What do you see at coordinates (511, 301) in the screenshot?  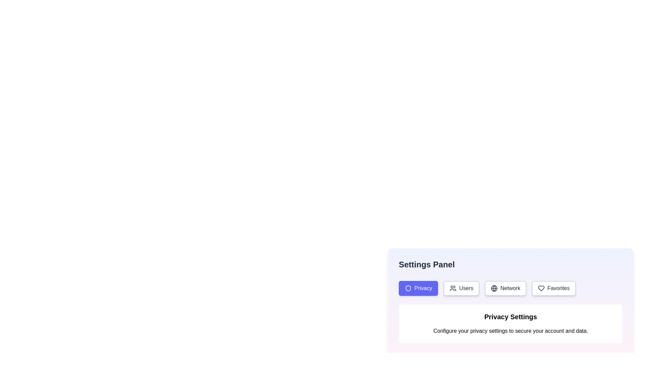 I see `the informational panel located below the tab buttons labeled 'Privacy', 'Users', 'Network', and 'Favorites'` at bounding box center [511, 301].